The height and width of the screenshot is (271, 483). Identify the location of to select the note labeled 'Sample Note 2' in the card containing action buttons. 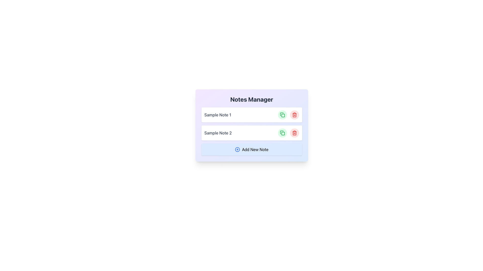
(252, 132).